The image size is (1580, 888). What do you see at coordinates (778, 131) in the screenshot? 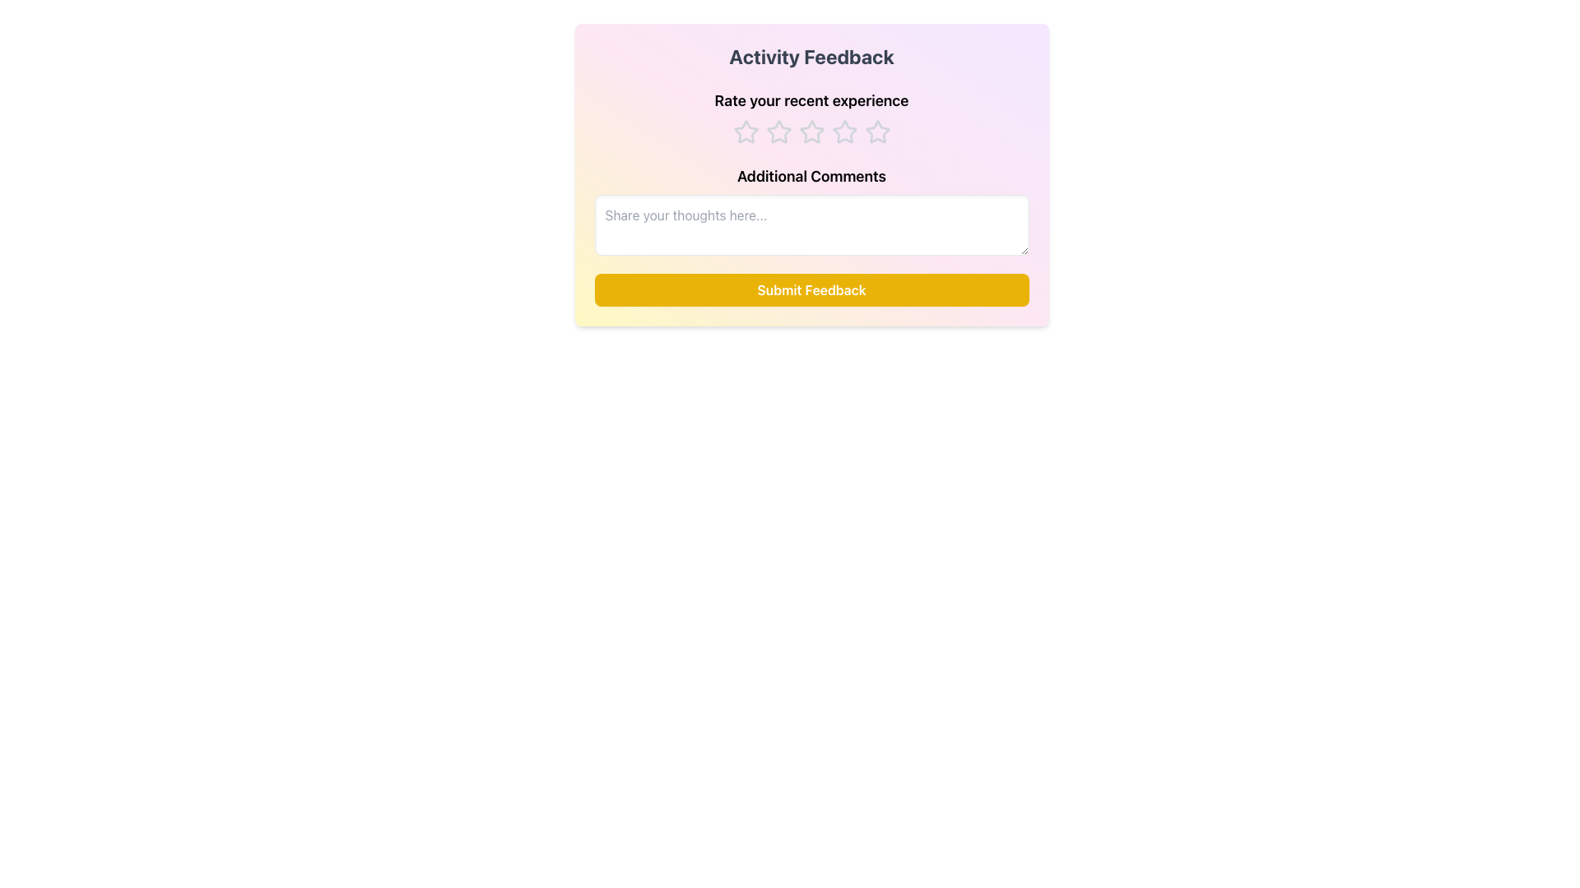
I see `the second rating star in the row of five stars located in the feedback modal` at bounding box center [778, 131].